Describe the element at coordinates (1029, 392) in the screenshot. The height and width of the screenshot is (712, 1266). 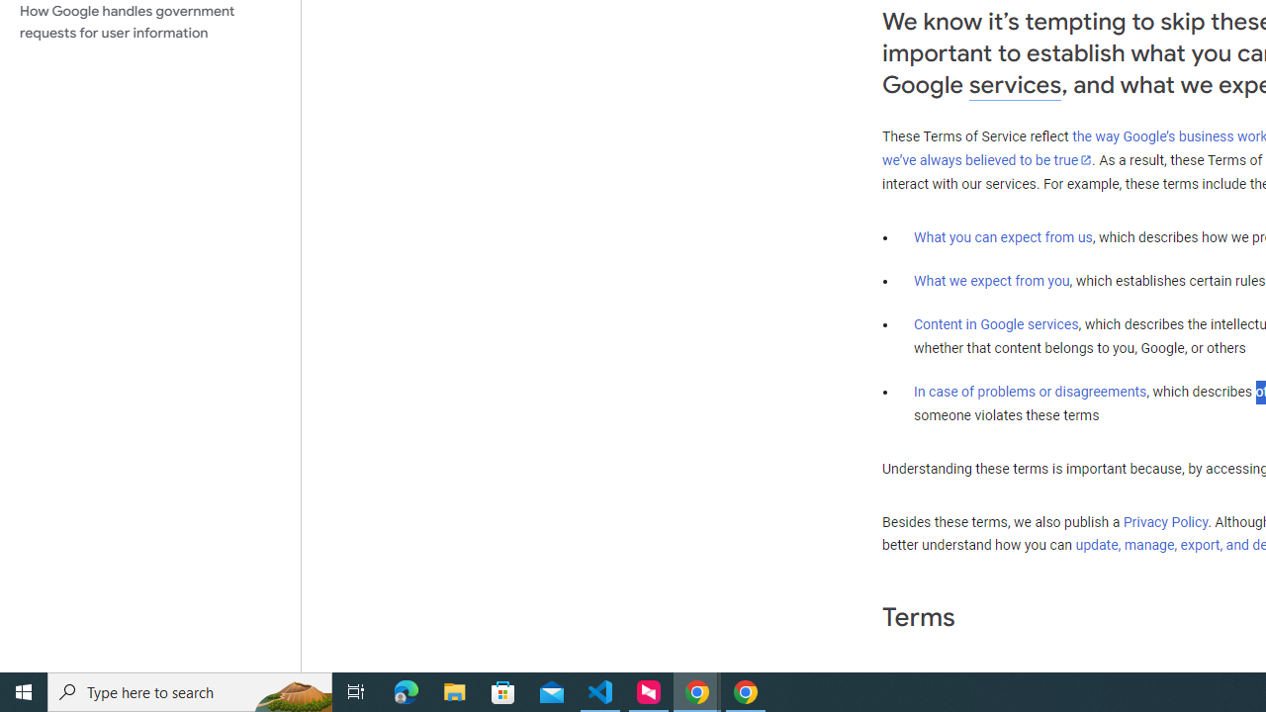
I see `'In case of problems or disagreements'` at that location.